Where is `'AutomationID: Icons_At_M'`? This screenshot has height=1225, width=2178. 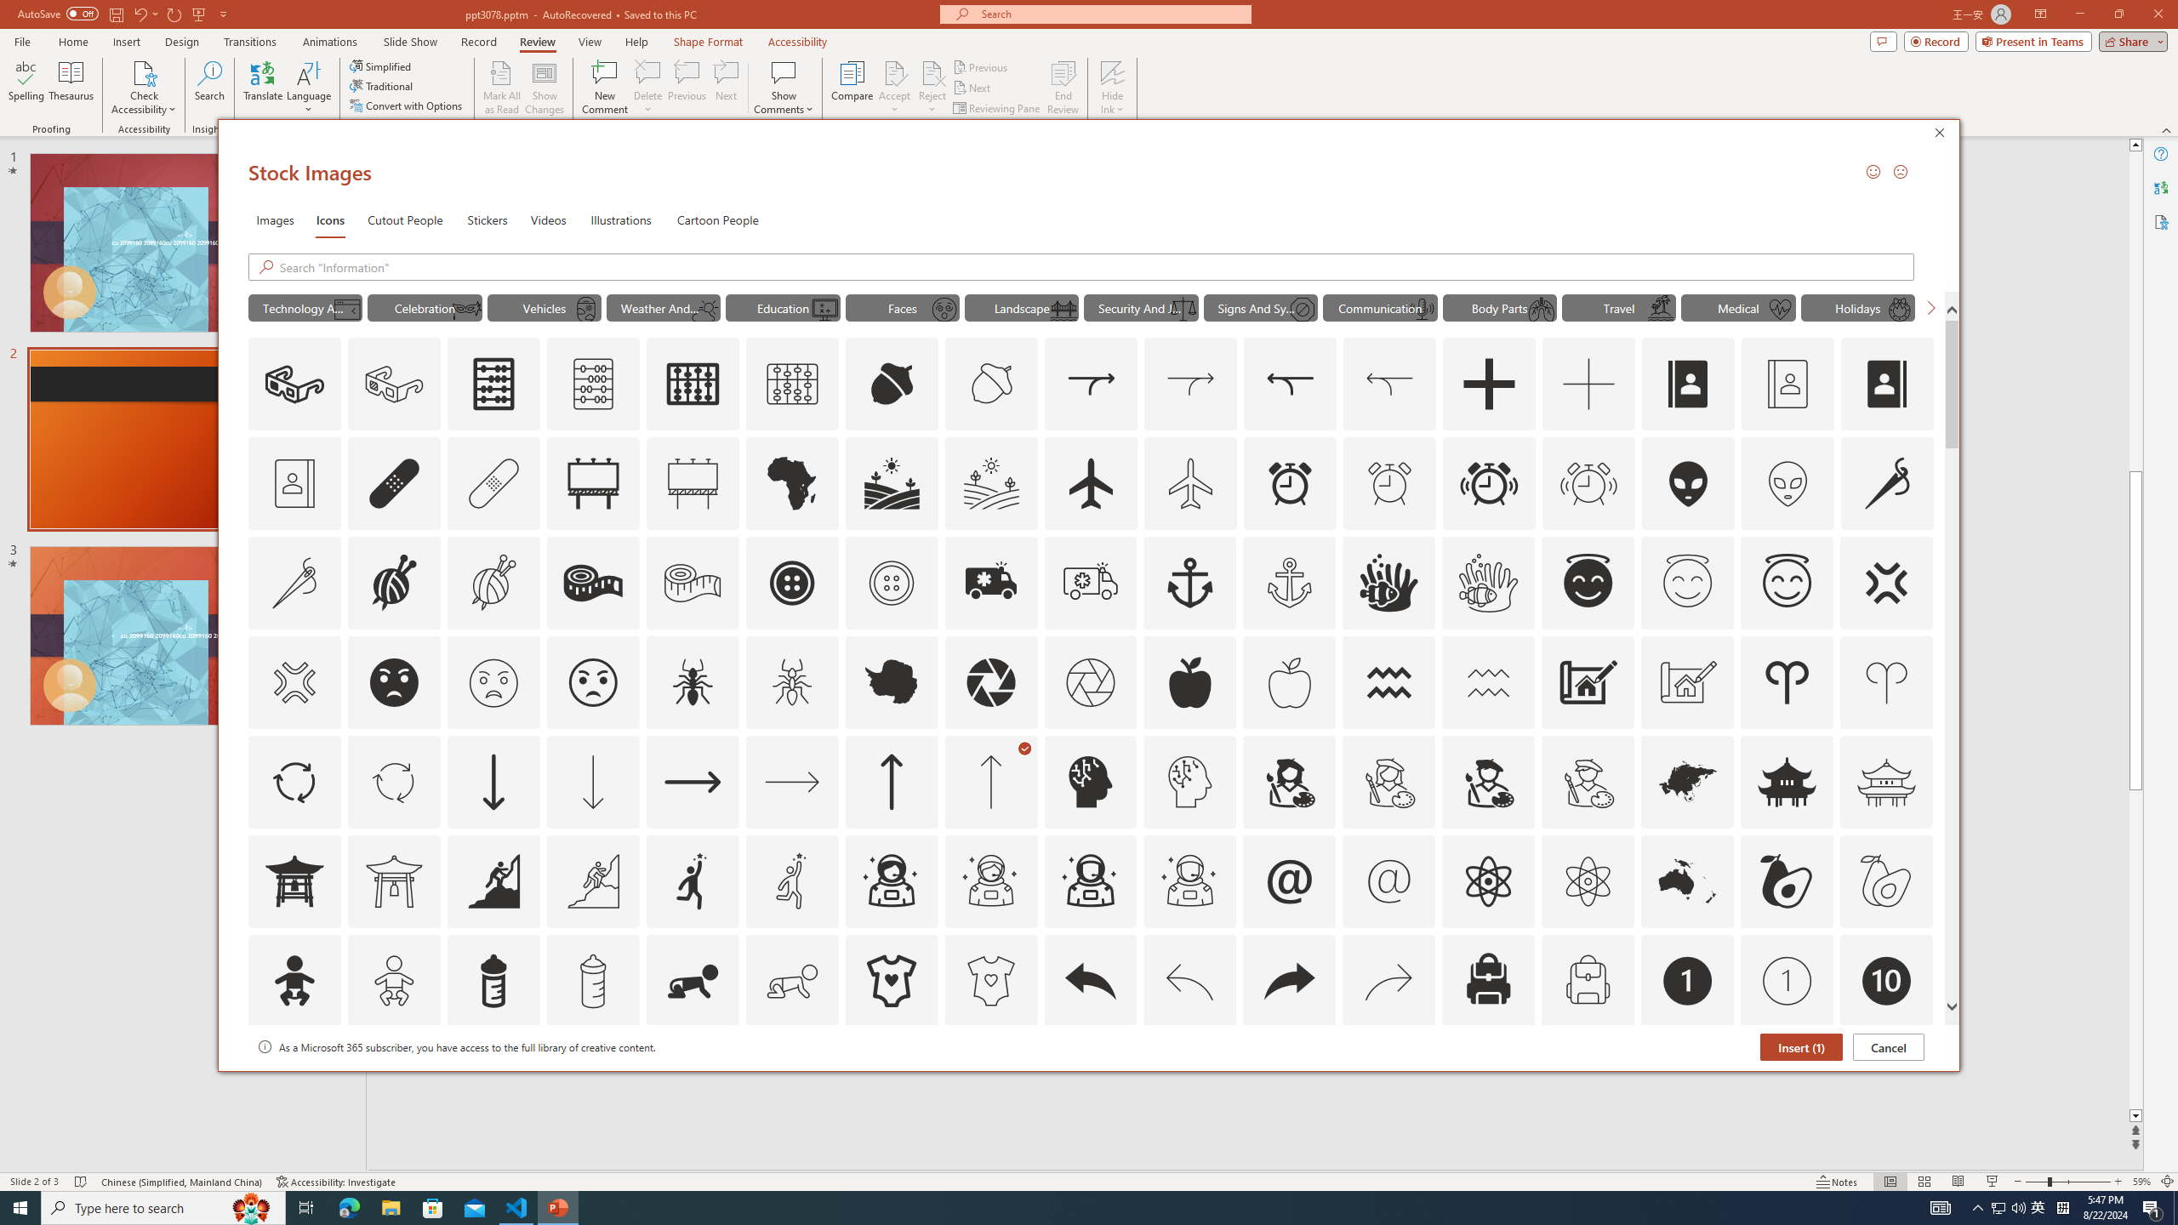 'AutomationID: Icons_At_M' is located at coordinates (1388, 880).